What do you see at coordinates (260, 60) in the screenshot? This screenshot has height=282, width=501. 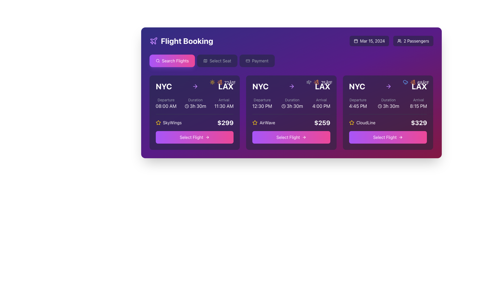 I see `the 'Payment' text label displayed in a light-colored font on a dark-purple rectangular button, located to the center-right of the interface` at bounding box center [260, 60].